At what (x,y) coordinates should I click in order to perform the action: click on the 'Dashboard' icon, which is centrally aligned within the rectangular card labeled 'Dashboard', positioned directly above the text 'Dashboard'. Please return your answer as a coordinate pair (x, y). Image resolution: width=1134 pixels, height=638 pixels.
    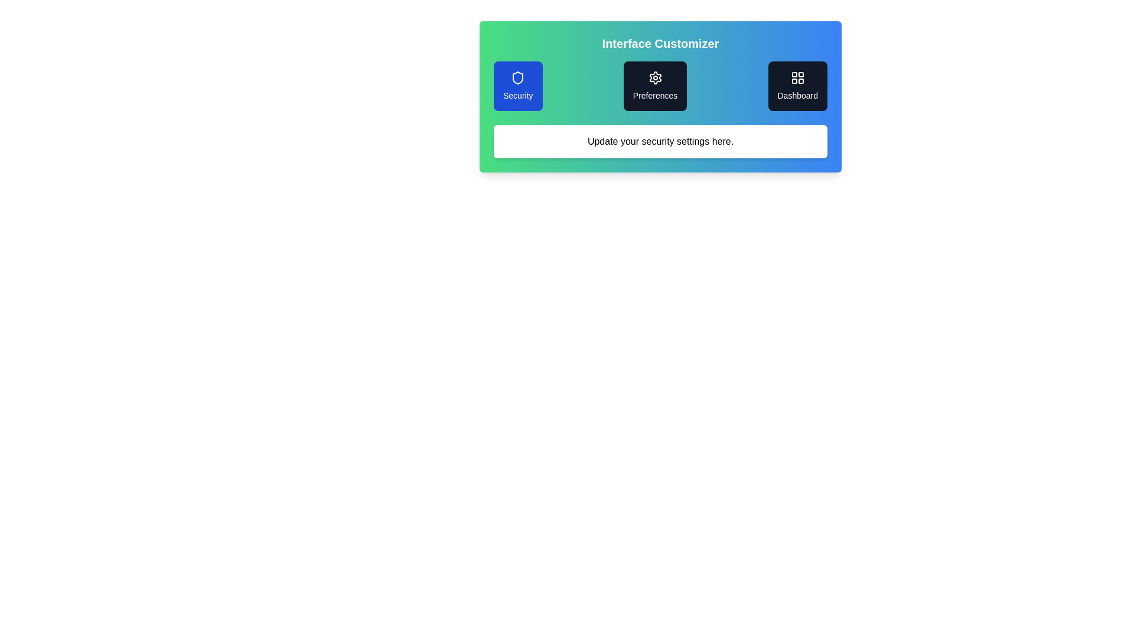
    Looking at the image, I should click on (797, 77).